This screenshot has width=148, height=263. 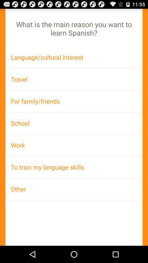 What do you see at coordinates (74, 145) in the screenshot?
I see `work app` at bounding box center [74, 145].